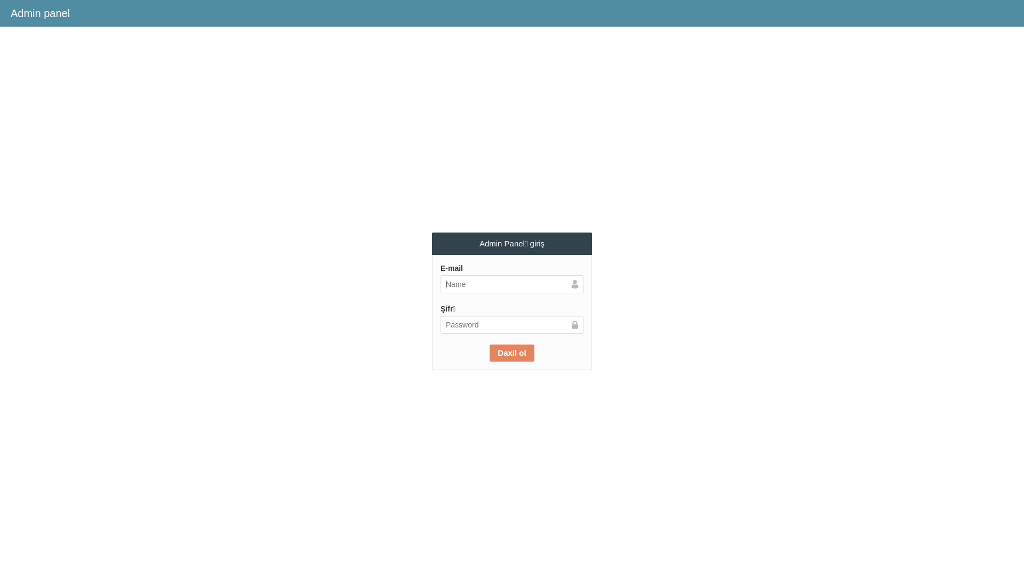 The height and width of the screenshot is (576, 1024). I want to click on 'Daxil ol', so click(489, 353).